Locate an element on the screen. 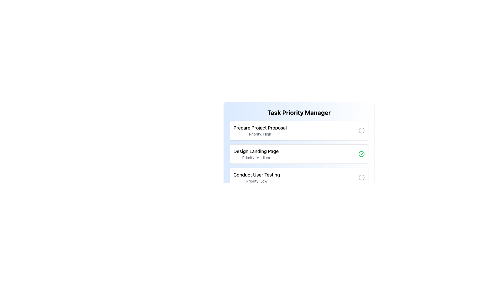 The width and height of the screenshot is (502, 282). the central circle of the SVG icon used for visual representation next to the 'Conduct User Testing' task in the list of tasks is located at coordinates (361, 177).